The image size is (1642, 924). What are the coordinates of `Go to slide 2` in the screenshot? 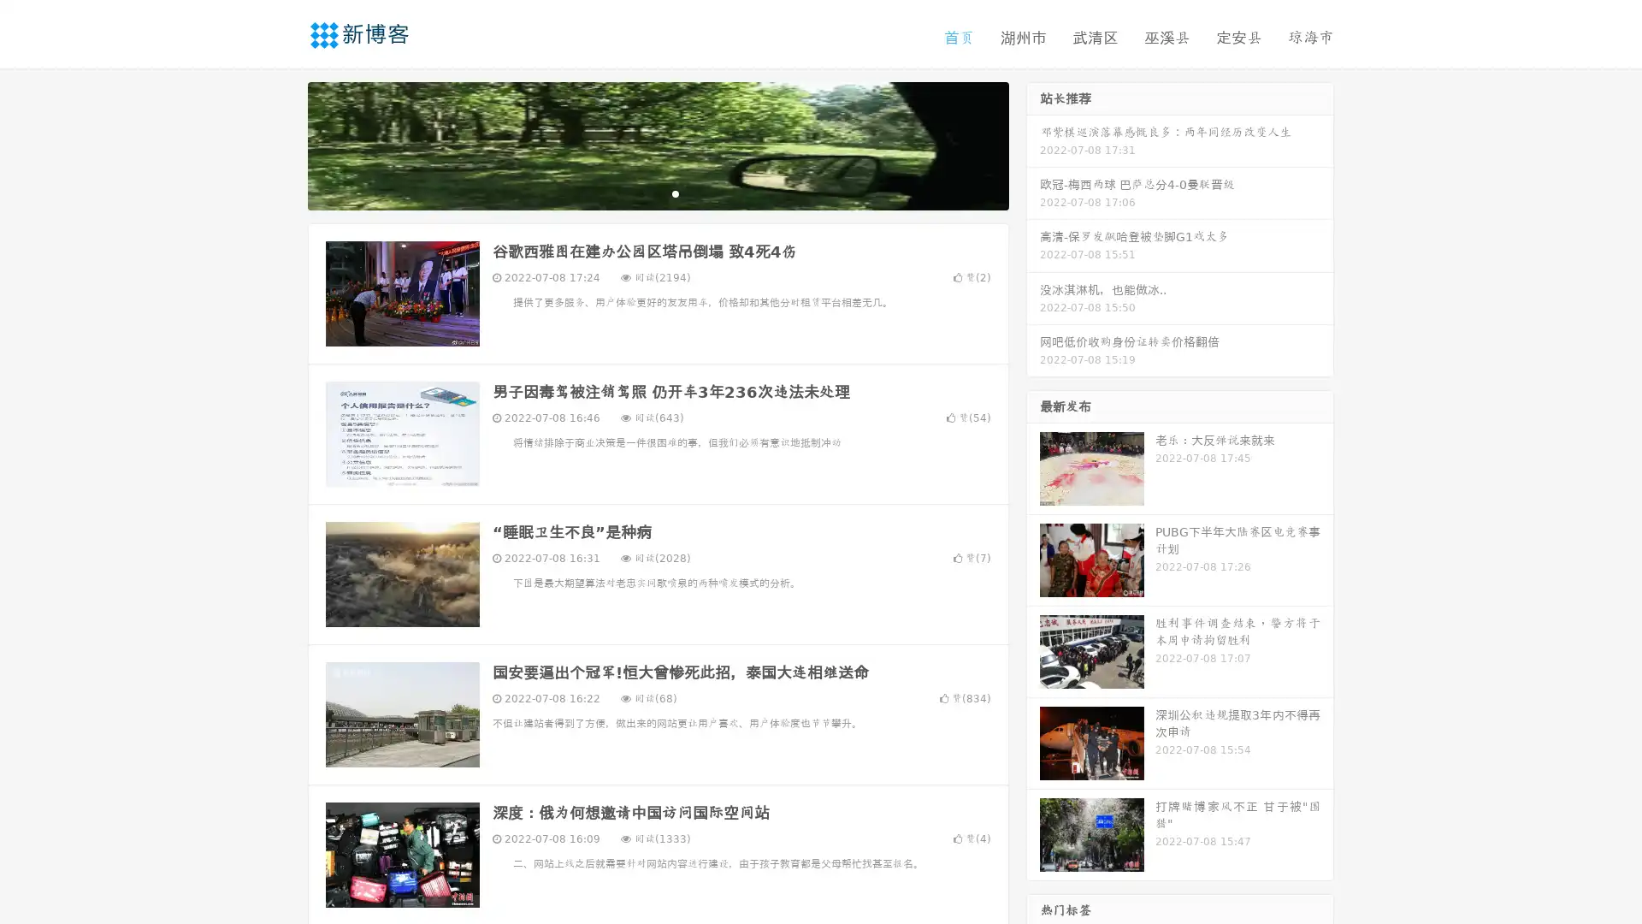 It's located at (657, 192).